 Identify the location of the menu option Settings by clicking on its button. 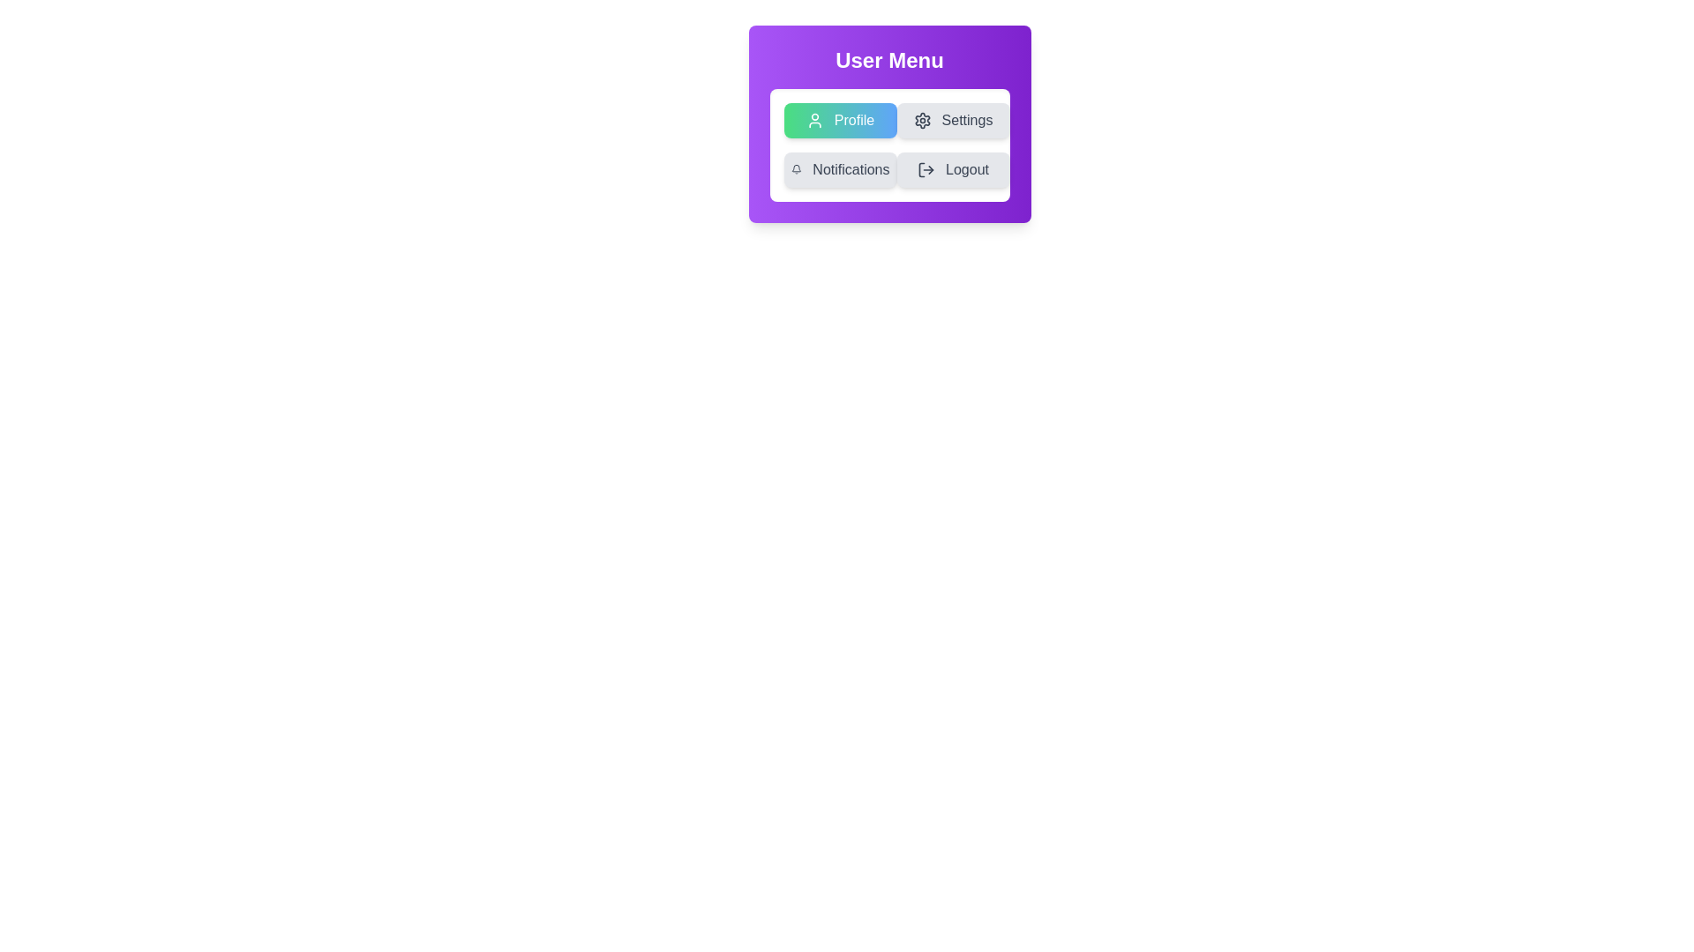
(952, 120).